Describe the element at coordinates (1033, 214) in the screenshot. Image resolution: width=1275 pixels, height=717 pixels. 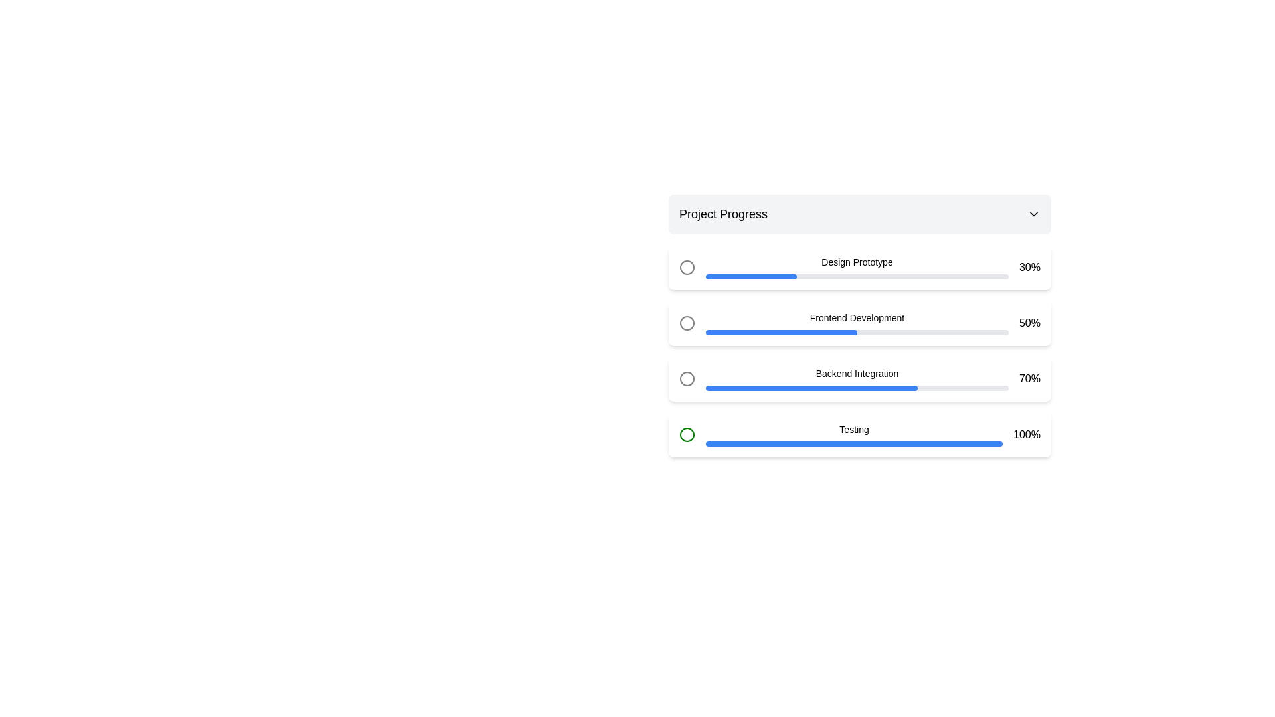
I see `the chevron-down SVG icon located at the right end of the 'Project Progress' header` at that location.